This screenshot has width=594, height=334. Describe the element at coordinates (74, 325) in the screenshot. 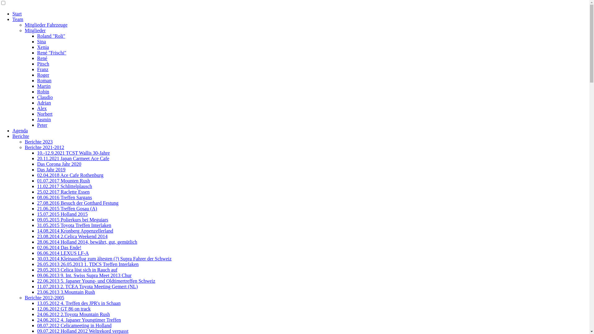

I see `'08.07.2012 Celicameeting in Holland'` at that location.